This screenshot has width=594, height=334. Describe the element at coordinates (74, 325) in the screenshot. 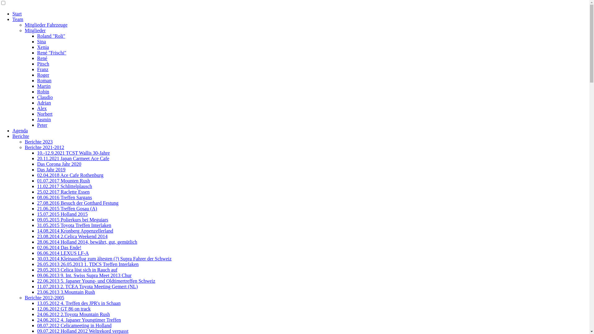

I see `'08.07.2012 Celicameeting in Holland'` at that location.